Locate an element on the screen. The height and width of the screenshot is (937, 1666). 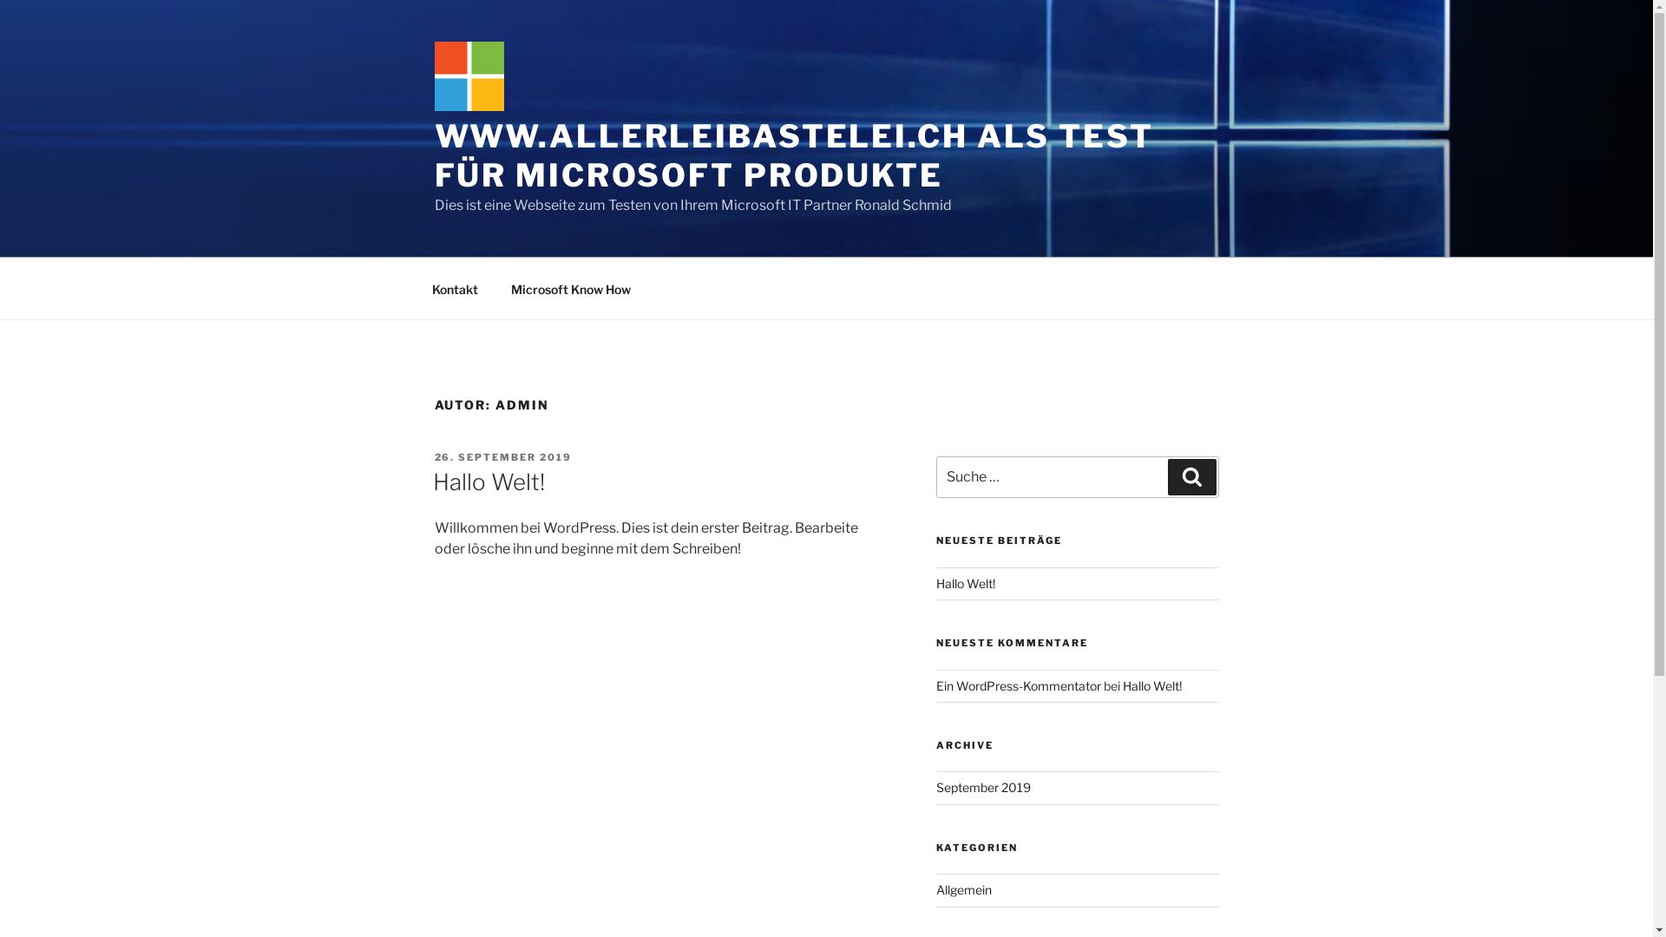
'Ein WordPress-Kommentator' is located at coordinates (1019, 685).